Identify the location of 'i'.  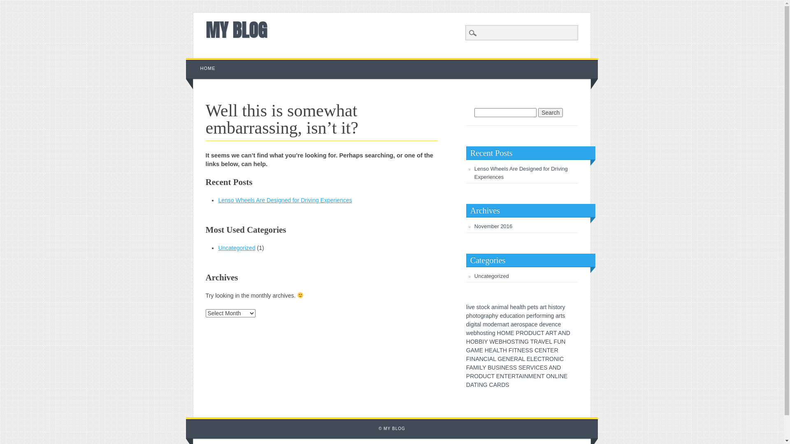
(547, 315).